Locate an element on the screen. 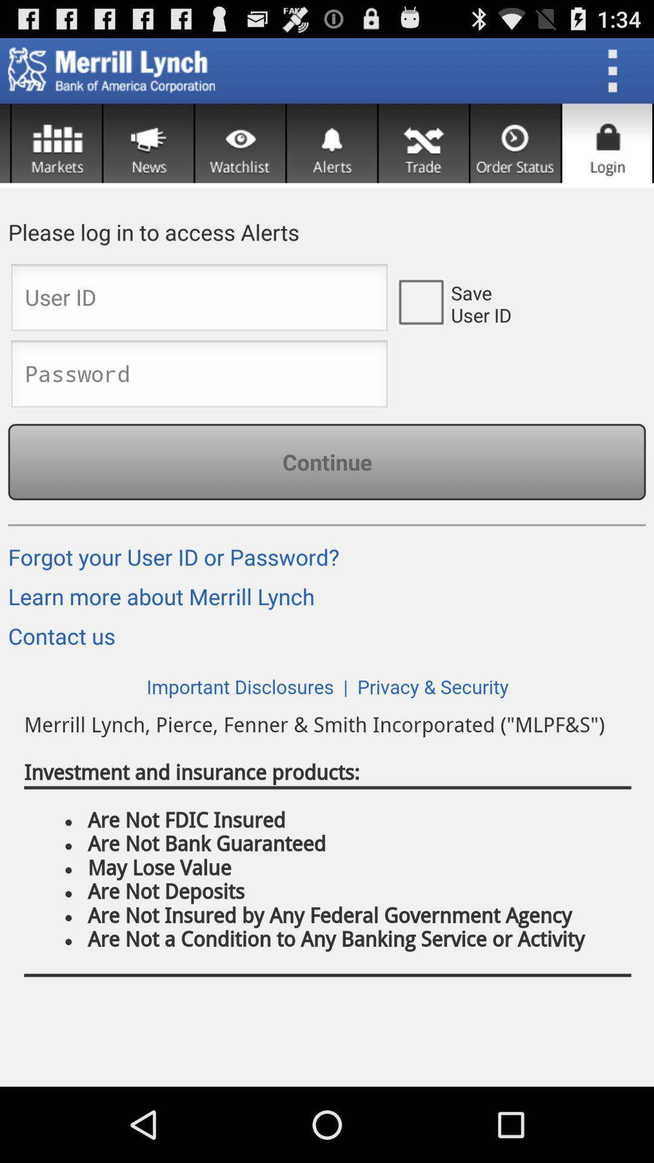 The width and height of the screenshot is (654, 1163). see latest news is located at coordinates (148, 143).